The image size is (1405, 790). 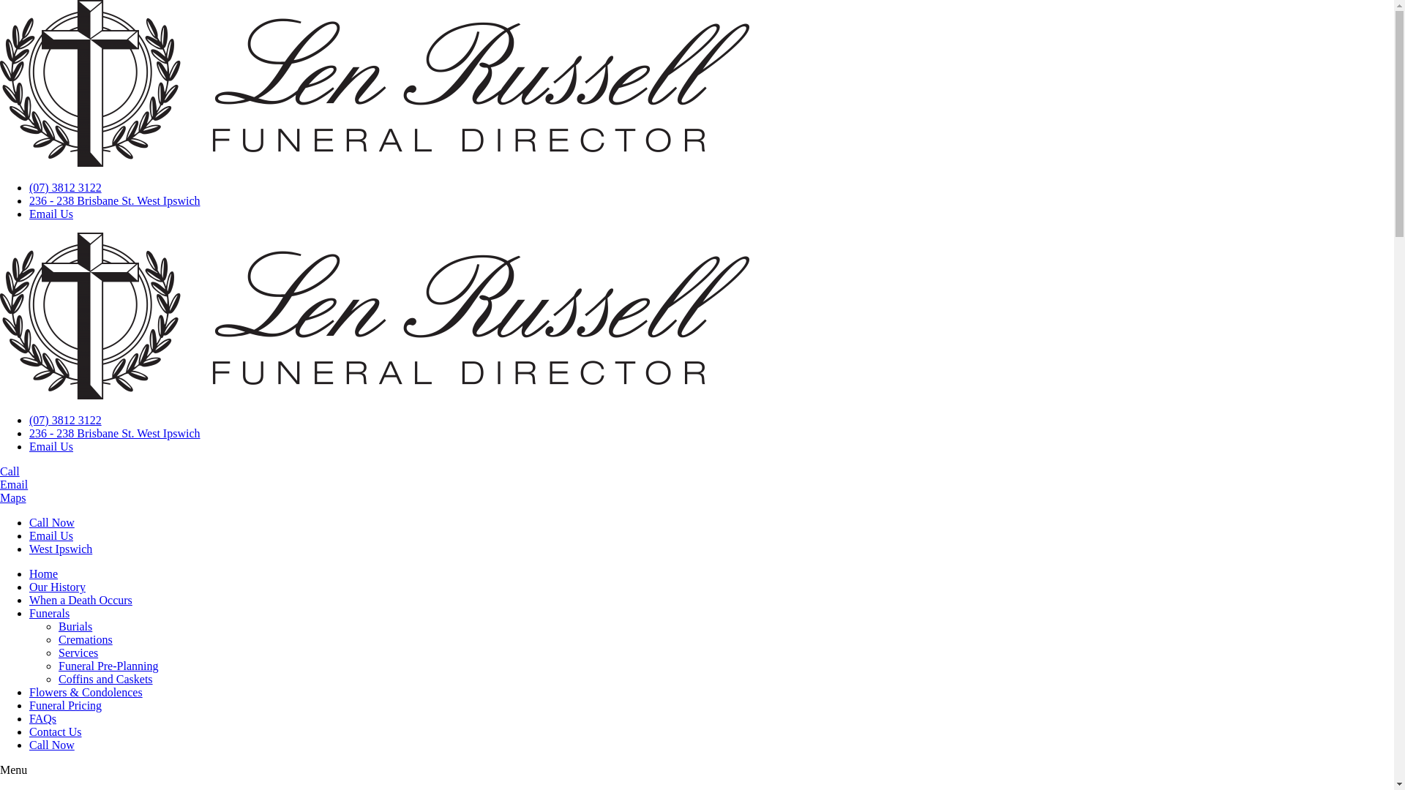 What do you see at coordinates (74, 625) in the screenshot?
I see `'Burials'` at bounding box center [74, 625].